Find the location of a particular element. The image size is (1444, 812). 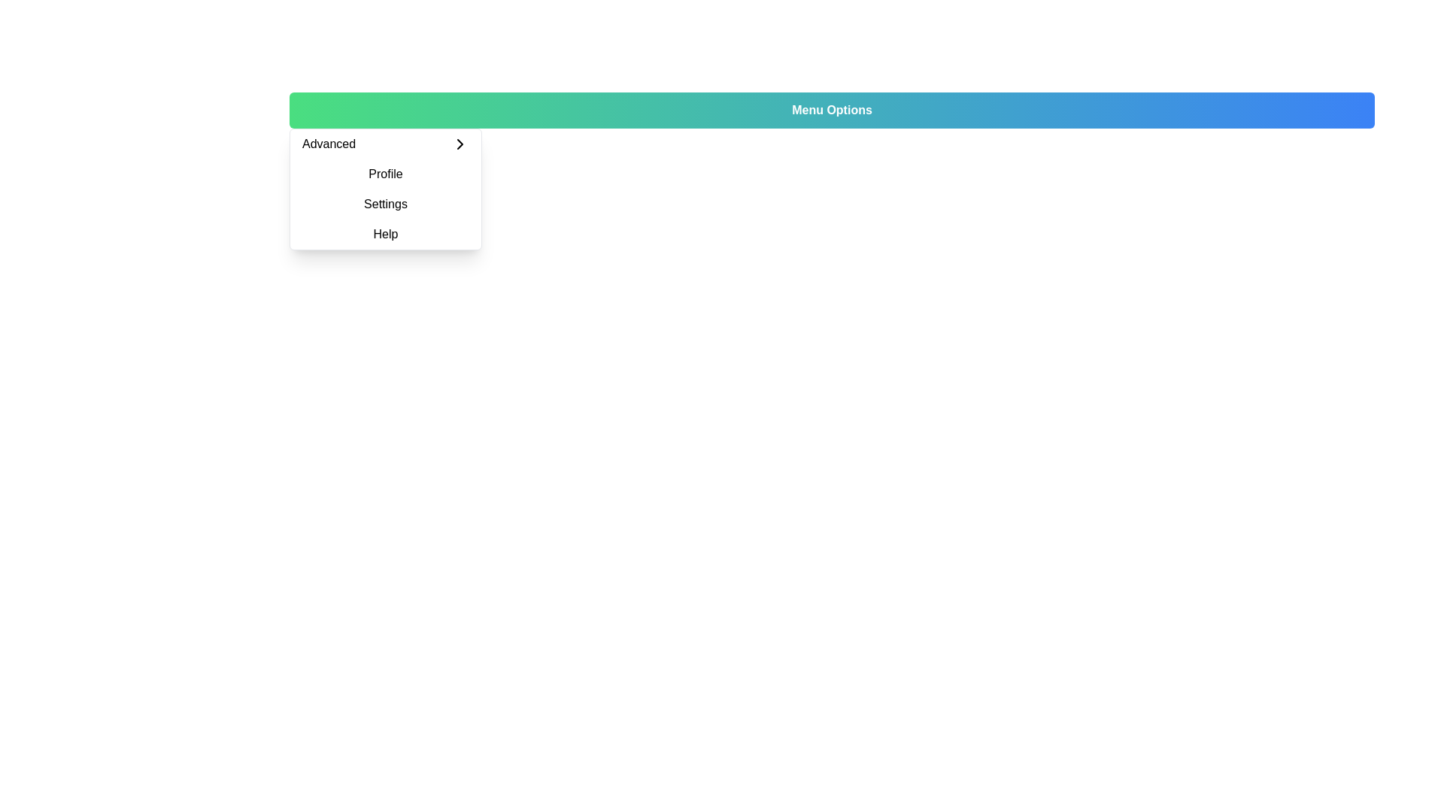

the second menu item in the vertical menu list, which is located between 'Advanced' and 'Settings' is located at coordinates (386, 173).